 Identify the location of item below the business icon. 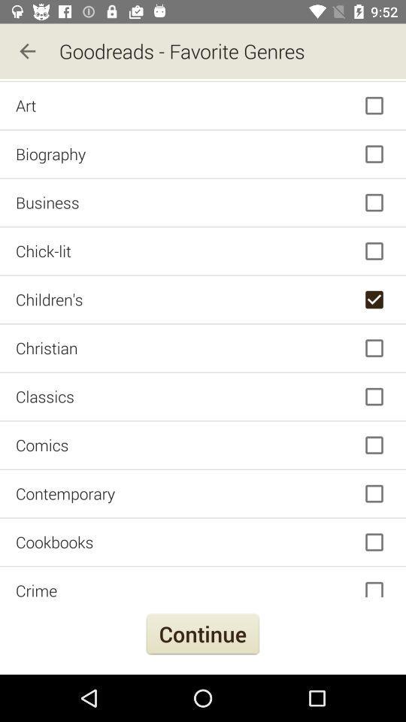
(203, 251).